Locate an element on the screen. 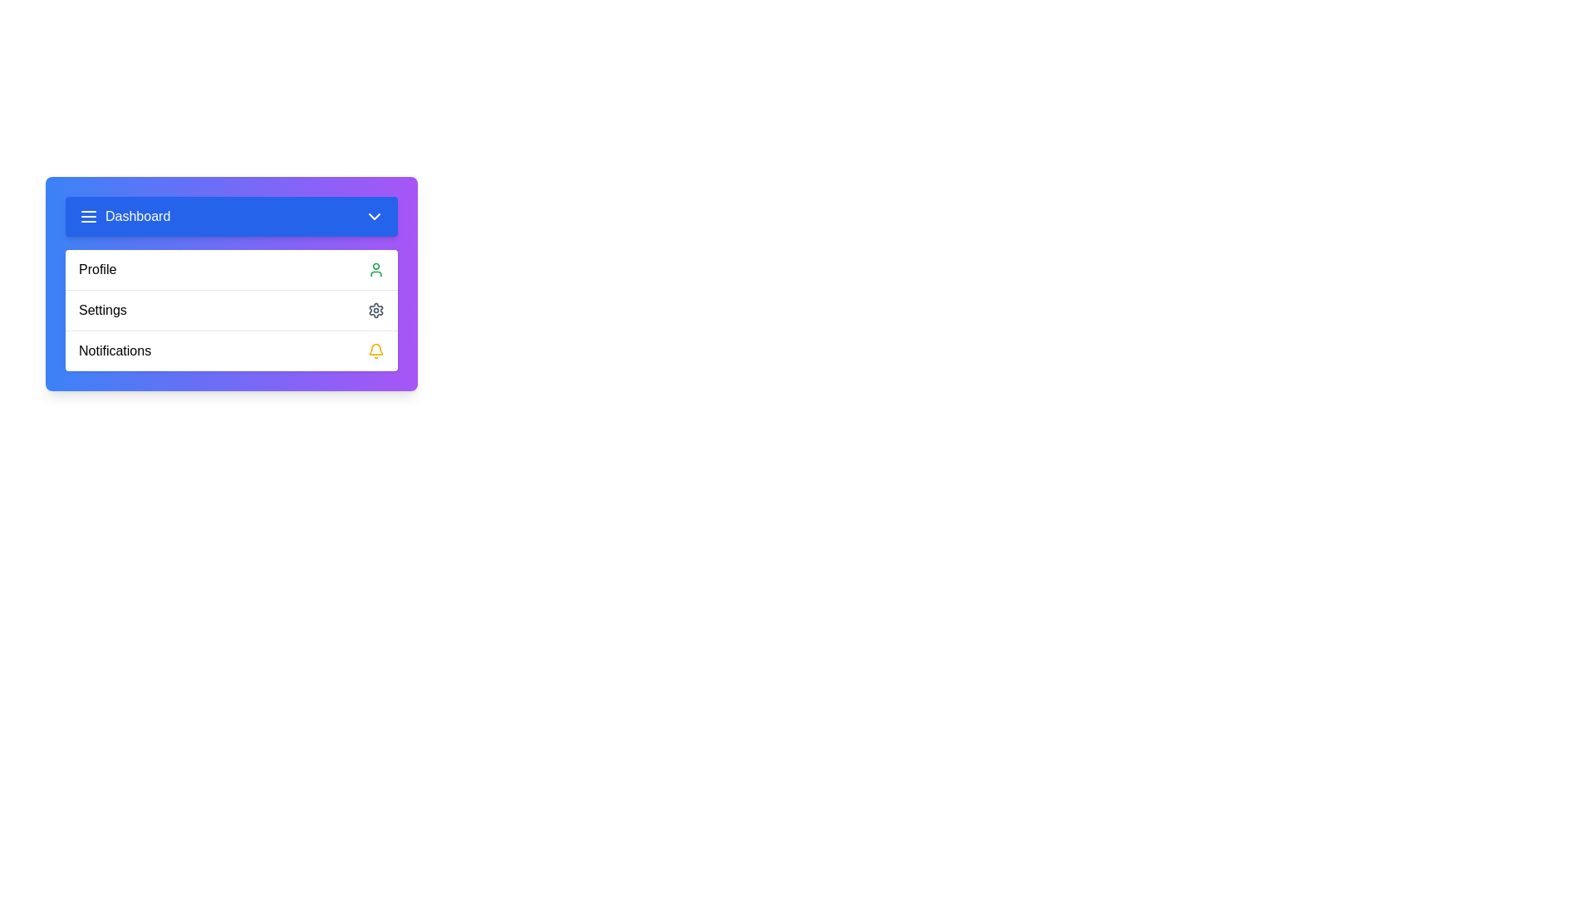 The image size is (1595, 897). the menu item Notifications is located at coordinates (230, 349).